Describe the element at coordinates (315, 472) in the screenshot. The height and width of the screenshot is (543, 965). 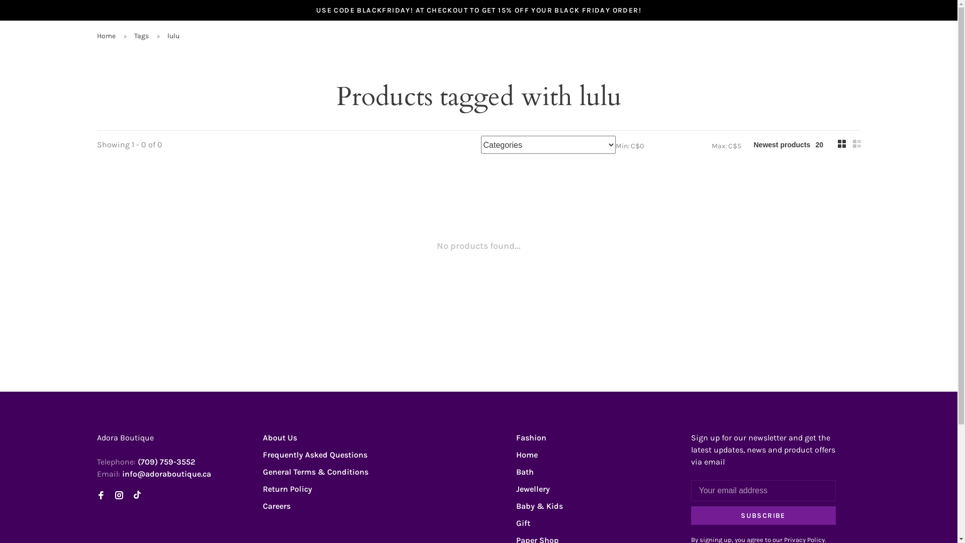
I see `'General Terms & Conditions'` at that location.